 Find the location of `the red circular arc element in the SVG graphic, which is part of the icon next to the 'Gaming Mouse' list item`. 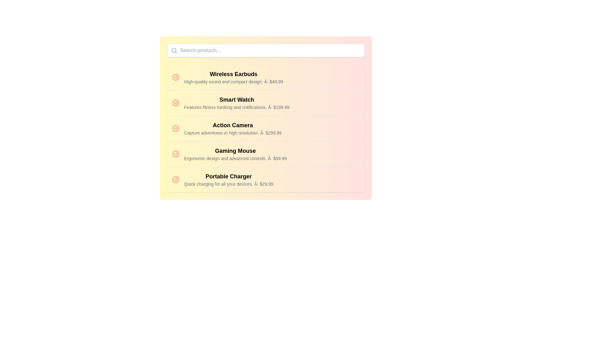

the red circular arc element in the SVG graphic, which is part of the icon next to the 'Gaming Mouse' list item is located at coordinates (175, 154).